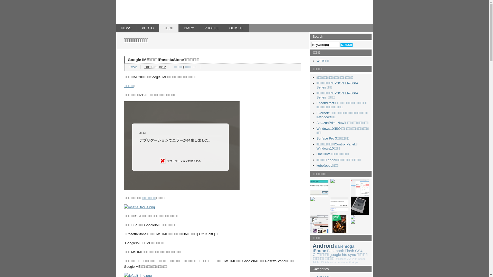  Describe the element at coordinates (318, 262) in the screenshot. I see `'Adobe TV'` at that location.